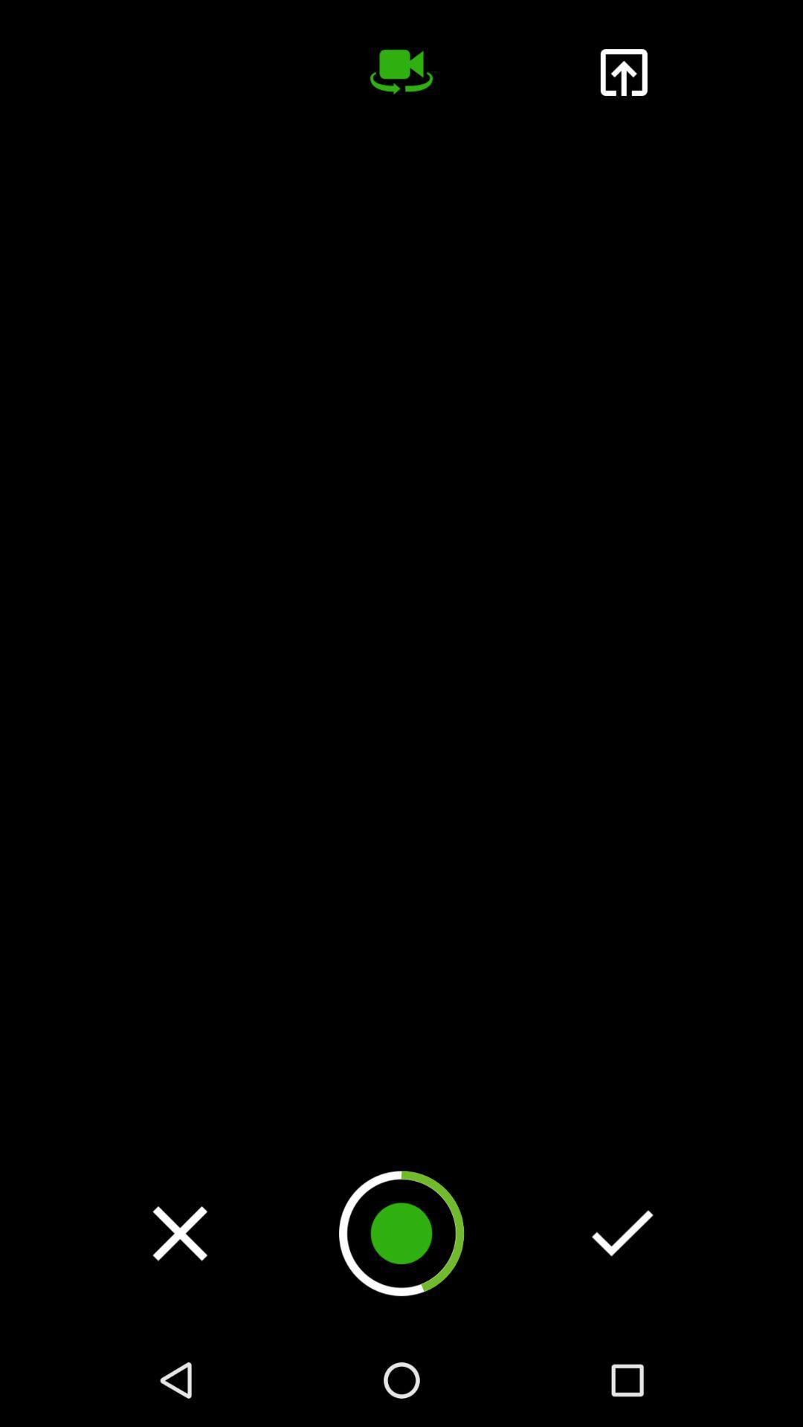  Describe the element at coordinates (401, 71) in the screenshot. I see `the videocam icon` at that location.